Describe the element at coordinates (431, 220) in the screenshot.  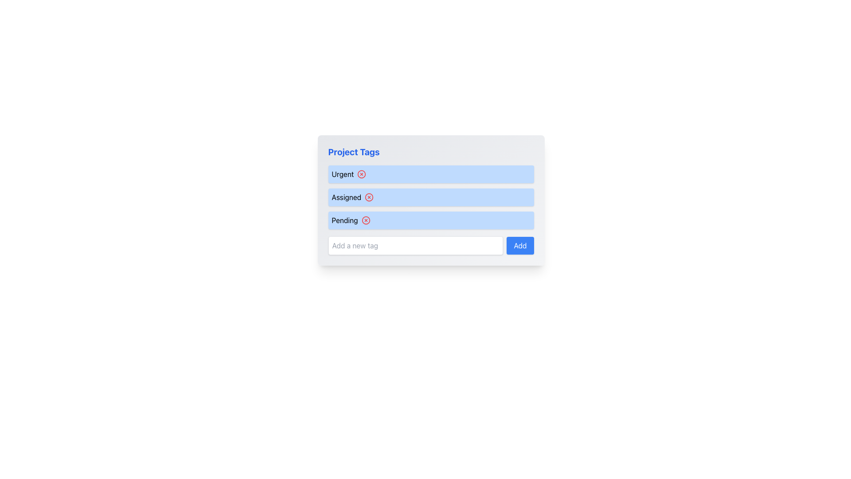
I see `the 'Pending' label with actionable icon` at that location.